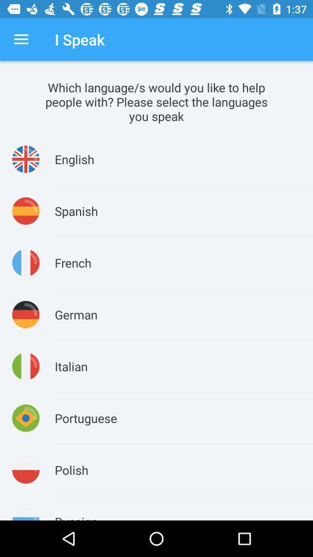 The height and width of the screenshot is (557, 313). I want to click on item to the left of i speak, so click(21, 39).